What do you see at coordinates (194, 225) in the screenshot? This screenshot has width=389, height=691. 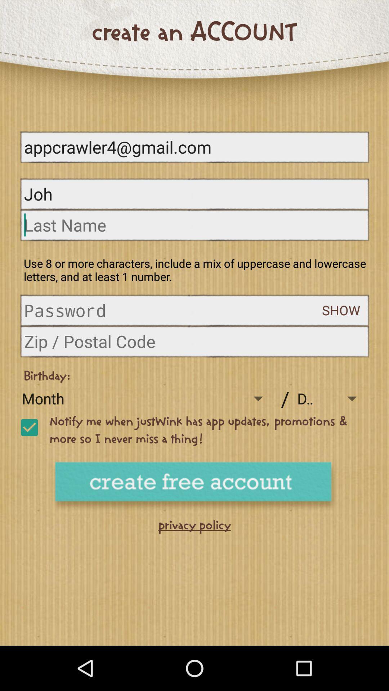 I see `text box` at bounding box center [194, 225].